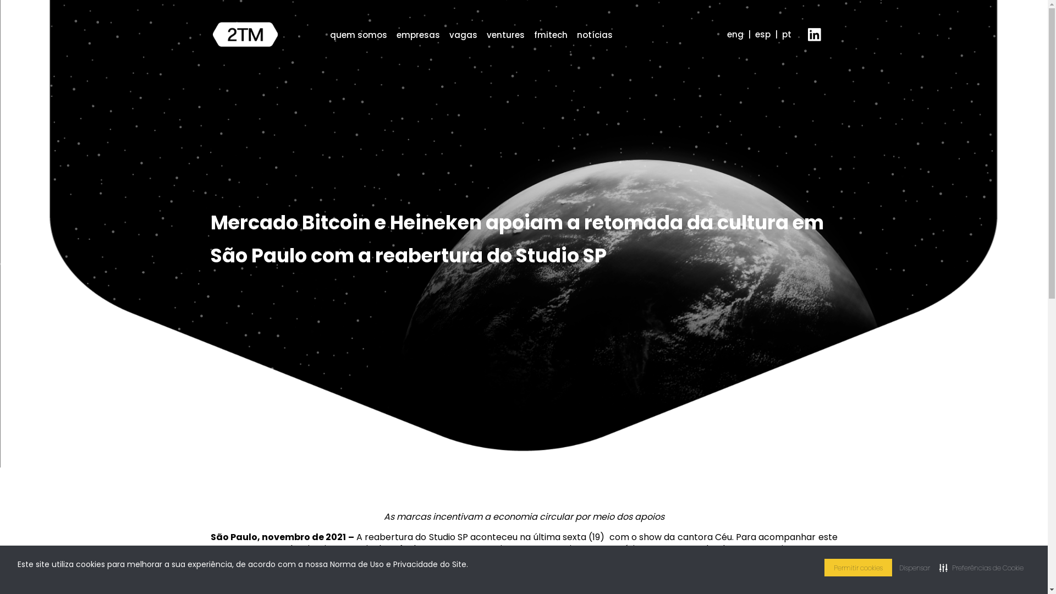 This screenshot has width=1056, height=594. I want to click on 'empresas', so click(396, 34).